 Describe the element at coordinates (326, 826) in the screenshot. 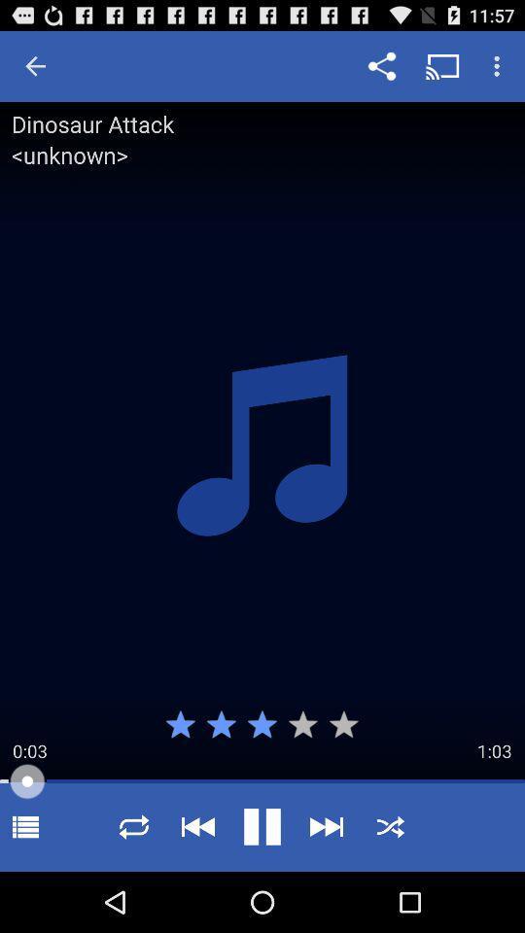

I see `forward button` at that location.